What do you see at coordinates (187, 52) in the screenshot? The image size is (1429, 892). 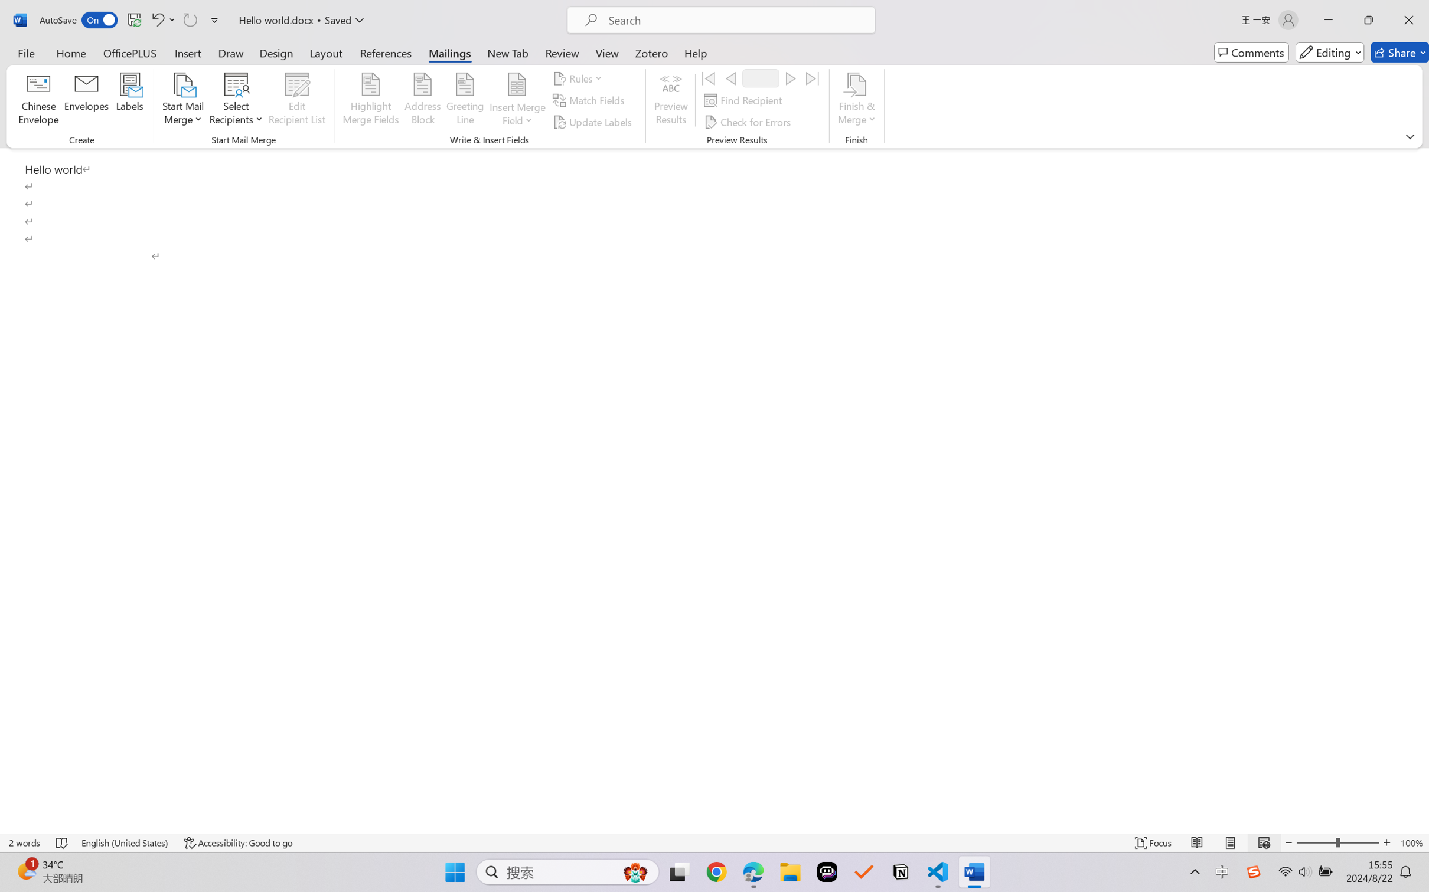 I see `'Insert'` at bounding box center [187, 52].